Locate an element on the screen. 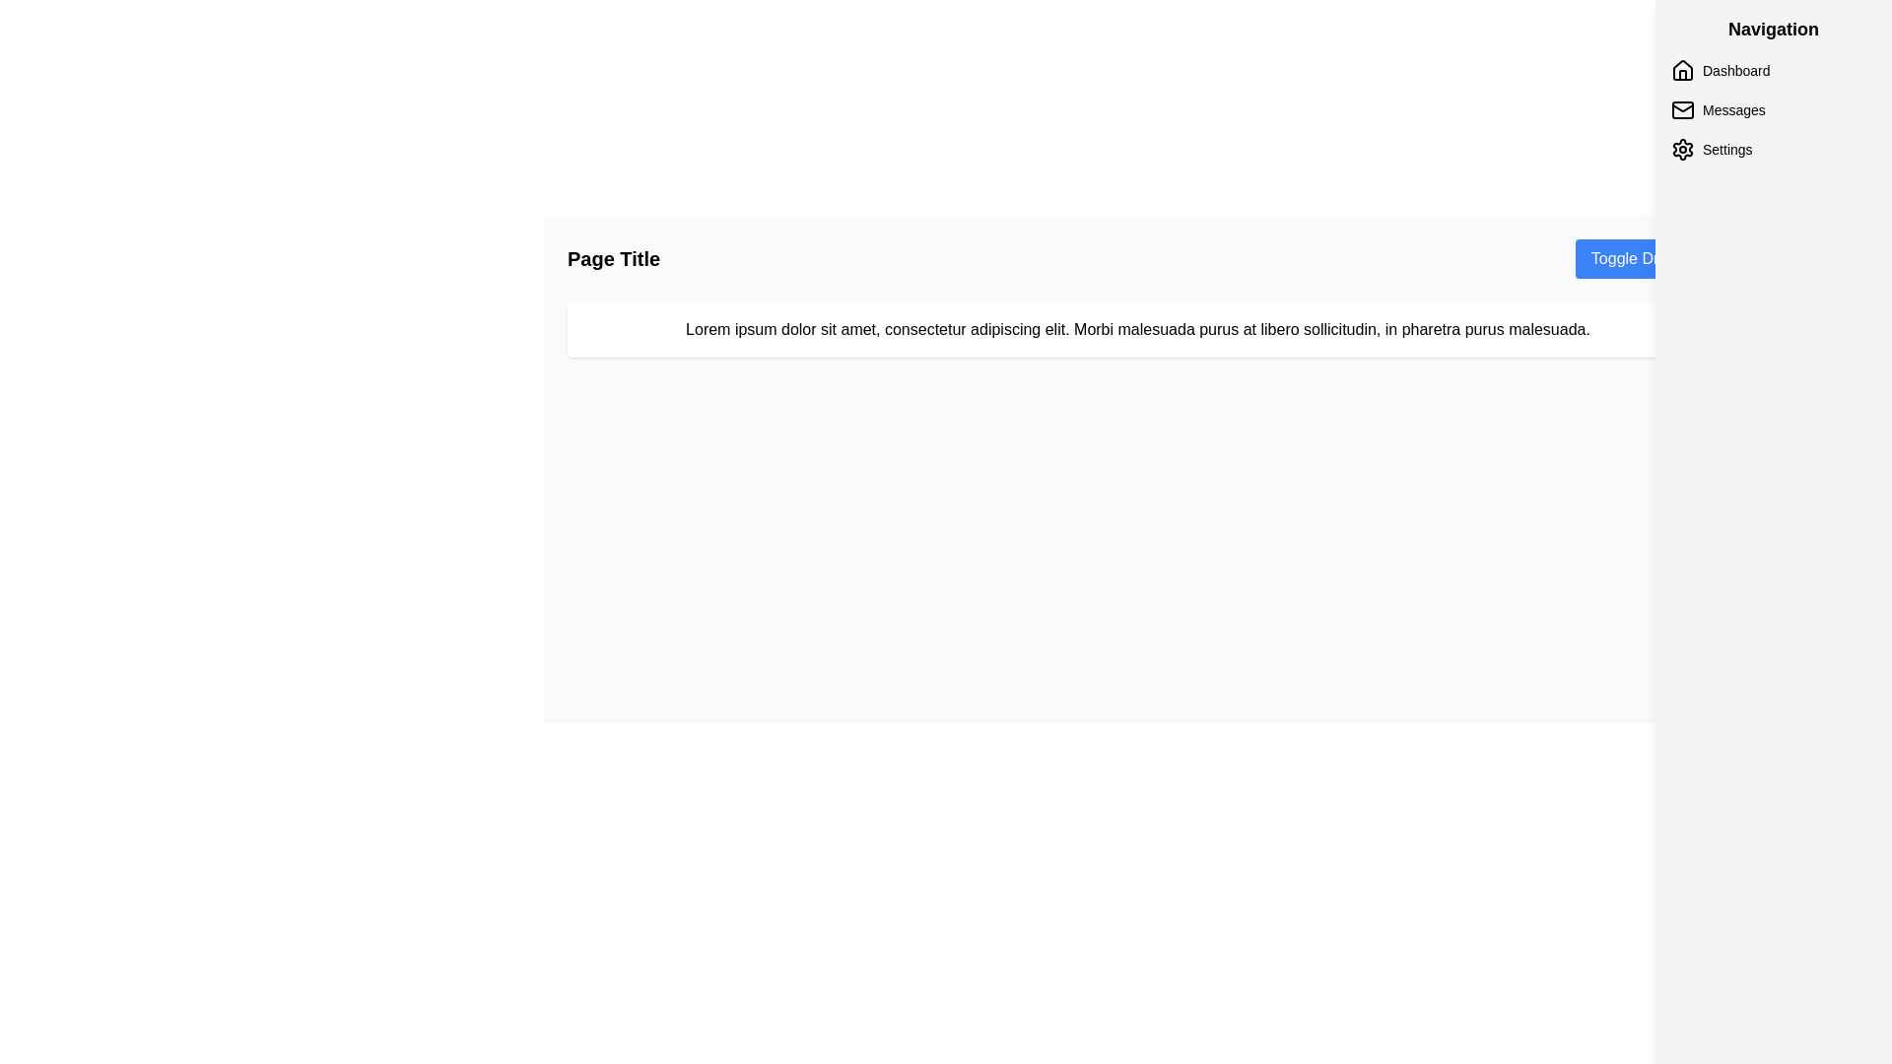 This screenshot has width=1892, height=1064. the bold and prominent 'Navigation' text label located at the top of the vertical sidebar menu is located at coordinates (1774, 30).